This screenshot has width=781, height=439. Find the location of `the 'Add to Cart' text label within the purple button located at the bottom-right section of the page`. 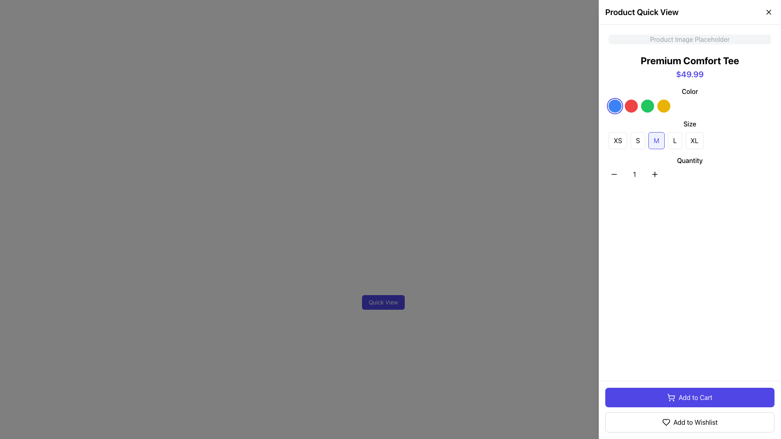

the 'Add to Cart' text label within the purple button located at the bottom-right section of the page is located at coordinates (695, 397).